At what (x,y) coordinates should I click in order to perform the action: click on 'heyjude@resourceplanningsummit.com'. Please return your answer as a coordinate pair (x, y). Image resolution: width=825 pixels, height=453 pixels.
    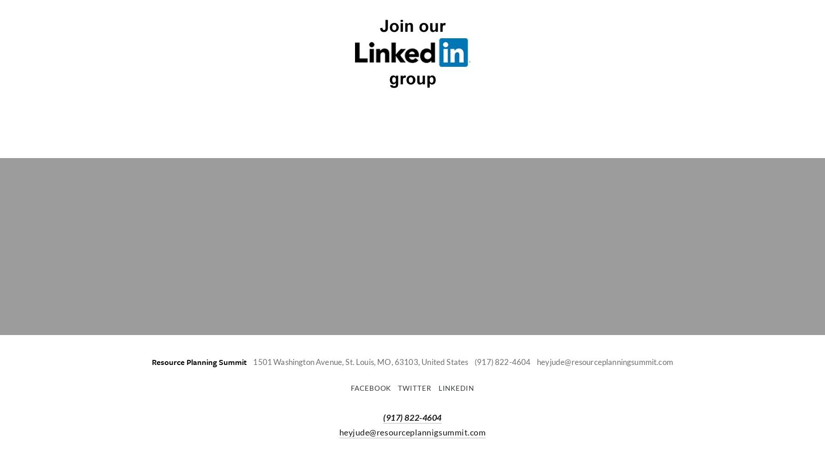
    Looking at the image, I should click on (536, 361).